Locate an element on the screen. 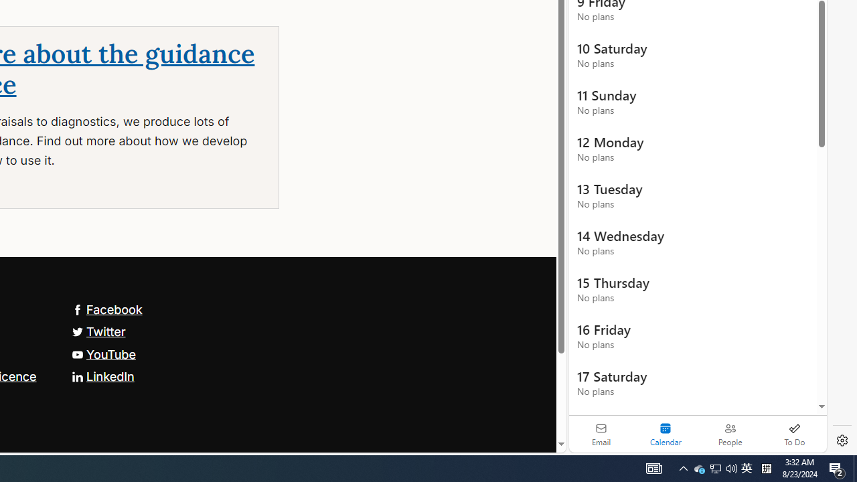 Image resolution: width=857 pixels, height=482 pixels. 'To Do' is located at coordinates (794, 434).